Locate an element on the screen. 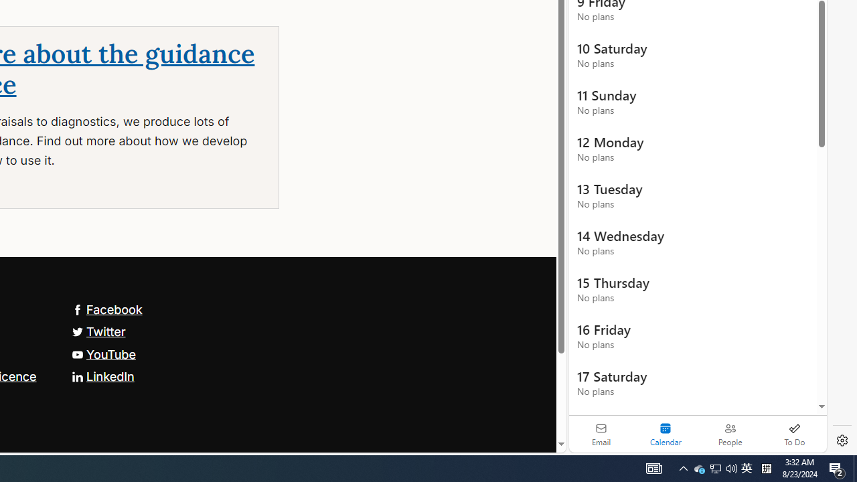 Image resolution: width=857 pixels, height=482 pixels. 'To Do' is located at coordinates (794, 434).